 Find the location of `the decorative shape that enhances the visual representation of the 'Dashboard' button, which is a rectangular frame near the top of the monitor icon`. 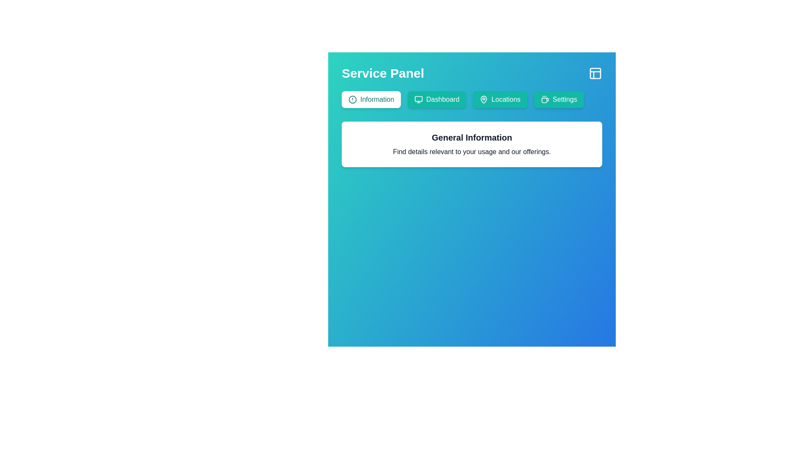

the decorative shape that enhances the visual representation of the 'Dashboard' button, which is a rectangular frame near the top of the monitor icon is located at coordinates (419, 98).